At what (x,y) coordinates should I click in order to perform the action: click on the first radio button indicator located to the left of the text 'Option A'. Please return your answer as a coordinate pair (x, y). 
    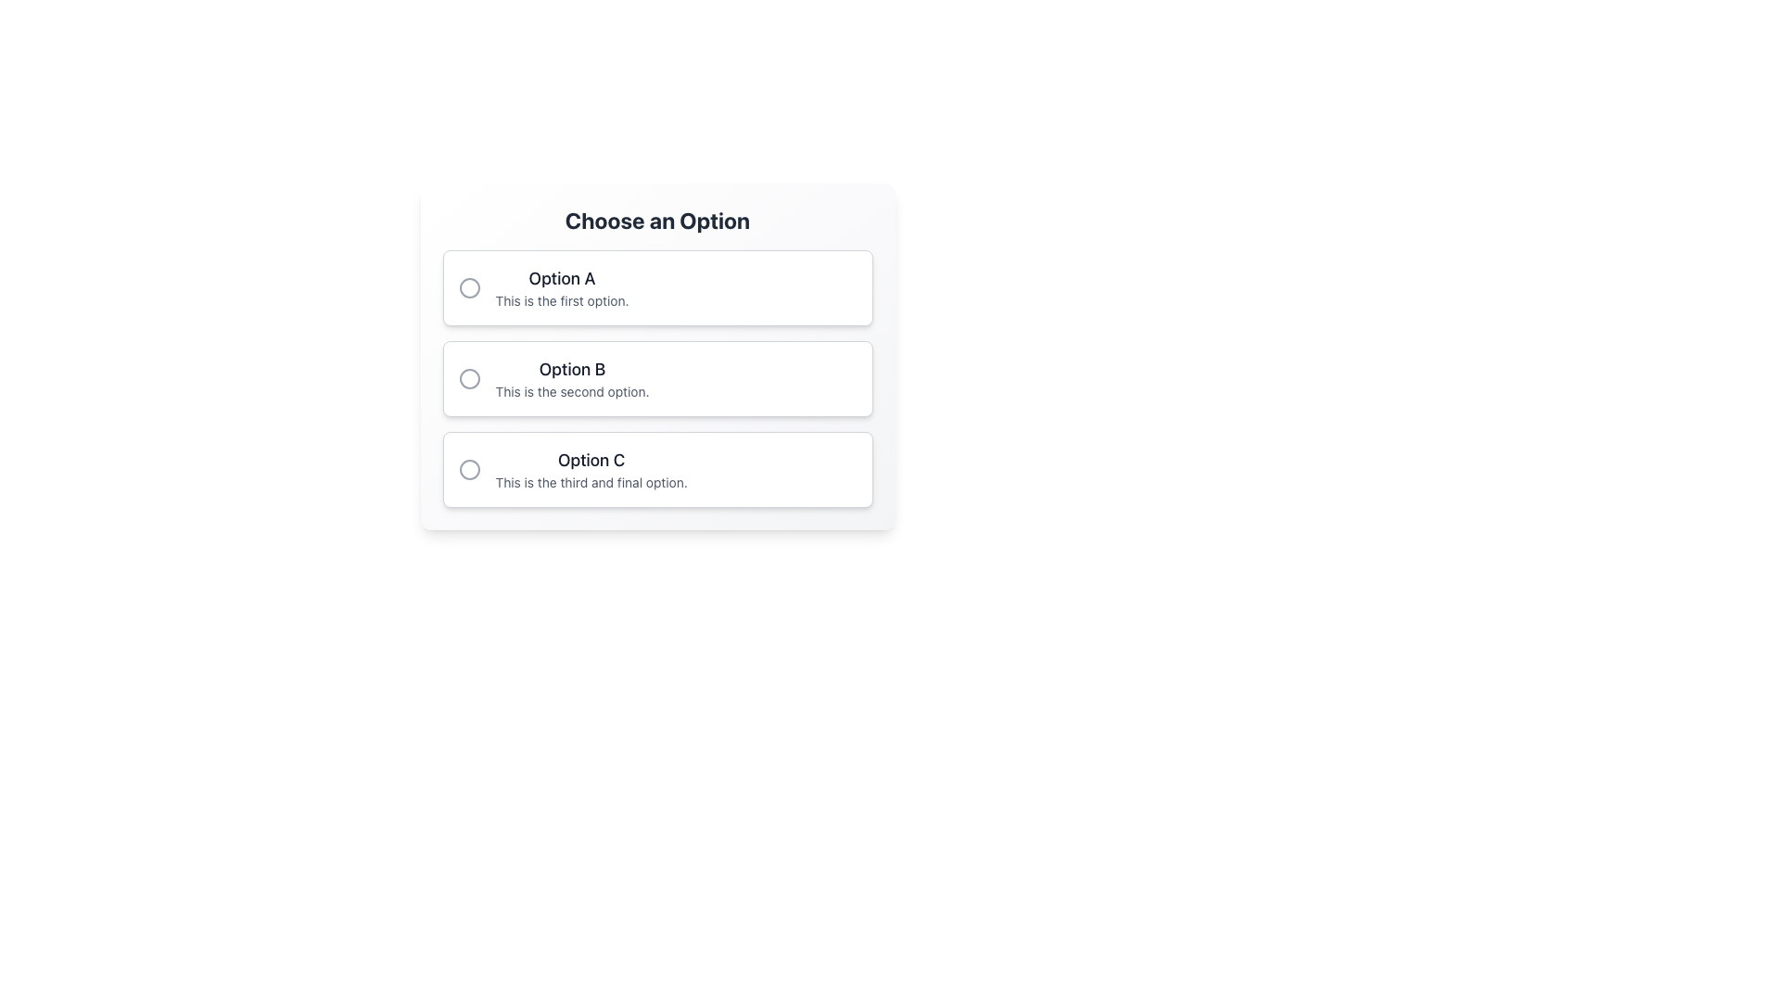
    Looking at the image, I should click on (469, 288).